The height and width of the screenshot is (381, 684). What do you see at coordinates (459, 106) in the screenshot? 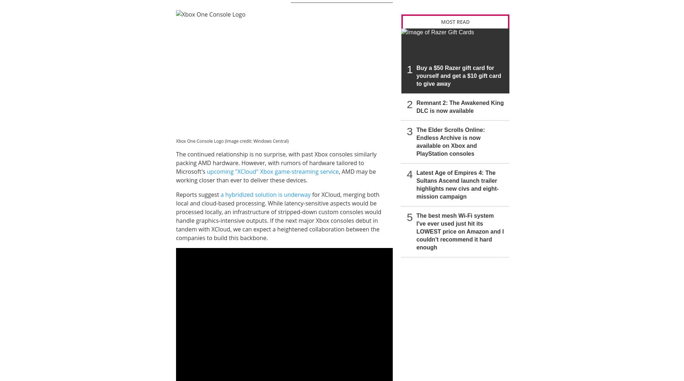
I see `'Remnant 2: The Awakened King DLC is now available'` at bounding box center [459, 106].